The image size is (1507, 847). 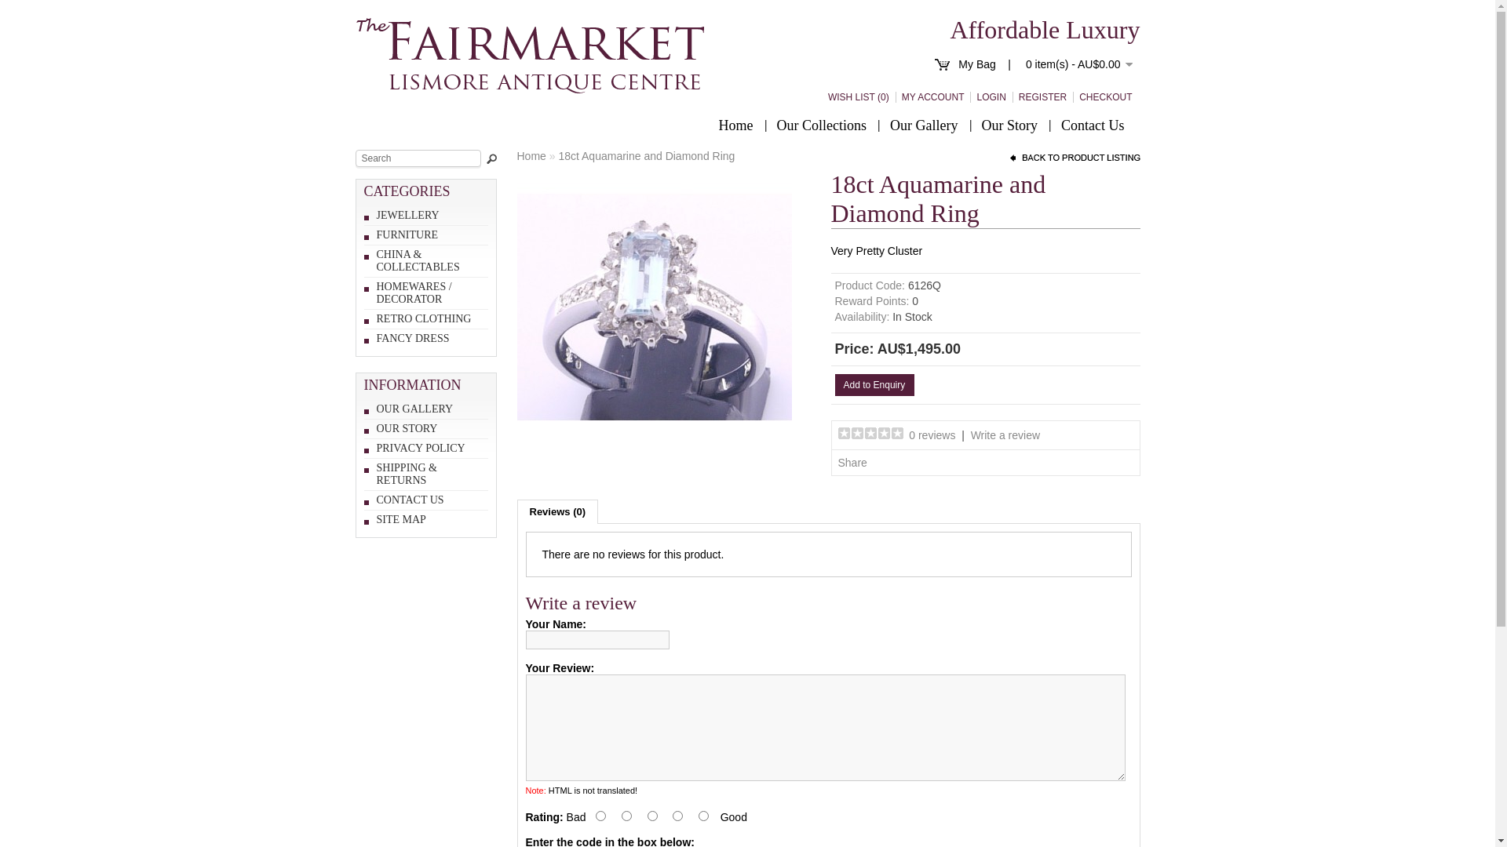 I want to click on 'PRIVACY POLICY', so click(x=421, y=448).